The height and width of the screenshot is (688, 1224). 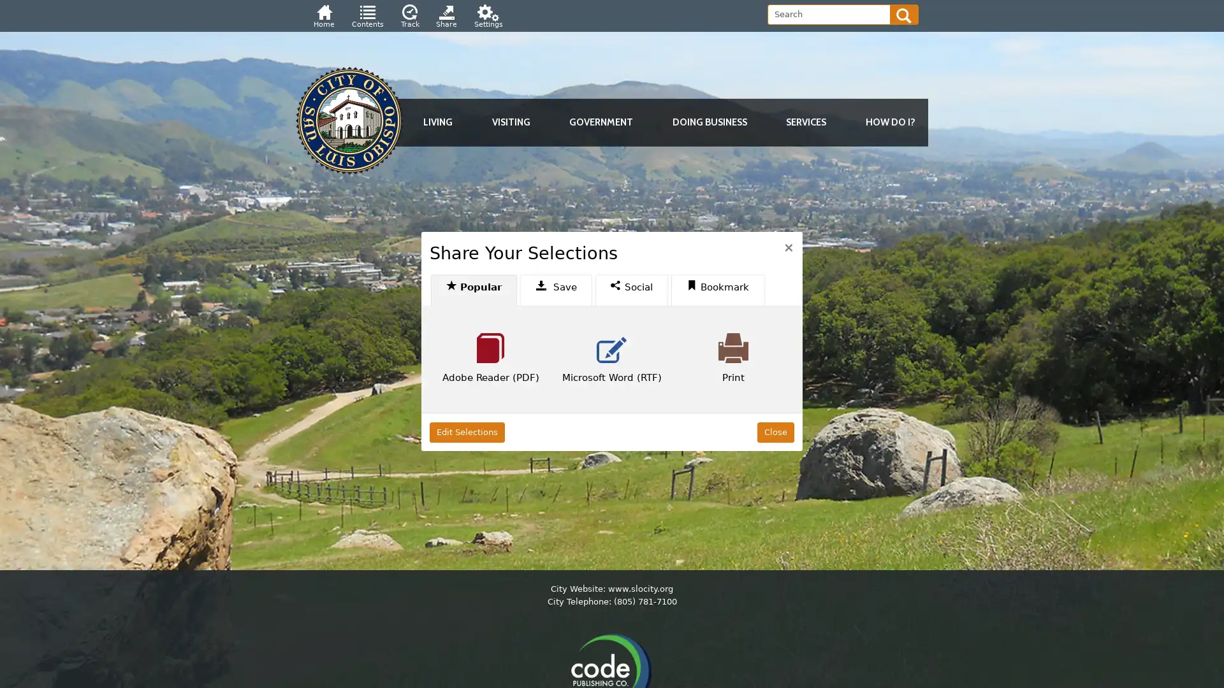 What do you see at coordinates (774, 431) in the screenshot?
I see `Close` at bounding box center [774, 431].